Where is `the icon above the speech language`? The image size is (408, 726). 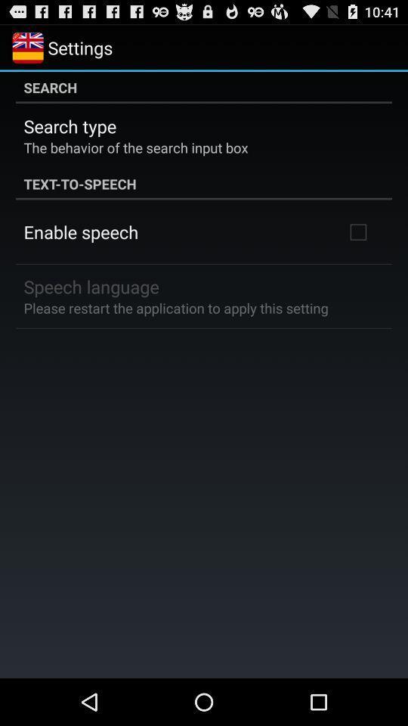
the icon above the speech language is located at coordinates (81, 231).